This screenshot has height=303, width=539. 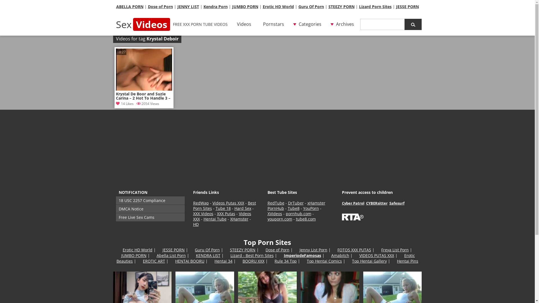 I want to click on 'JESSE PORN', so click(x=407, y=6).